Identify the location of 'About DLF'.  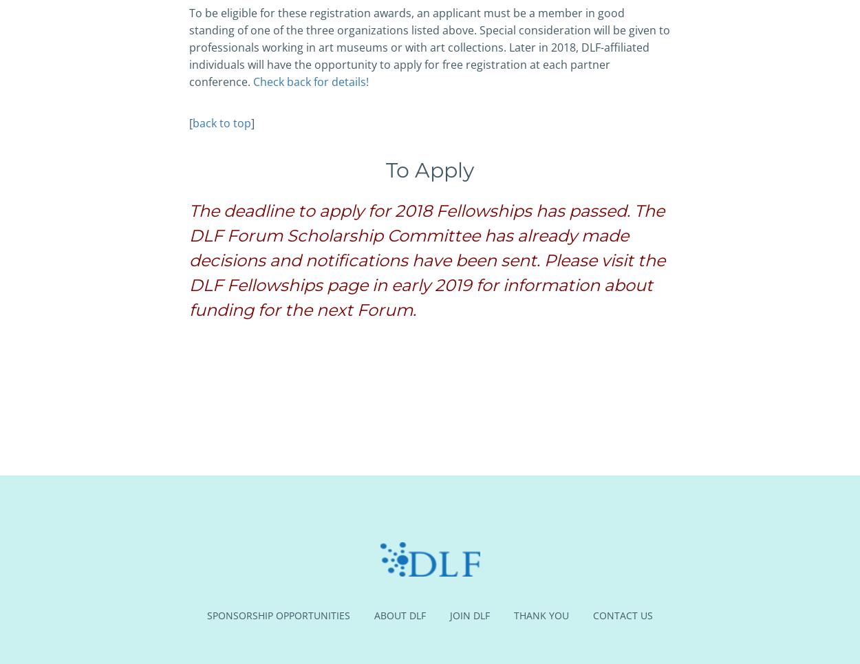
(374, 614).